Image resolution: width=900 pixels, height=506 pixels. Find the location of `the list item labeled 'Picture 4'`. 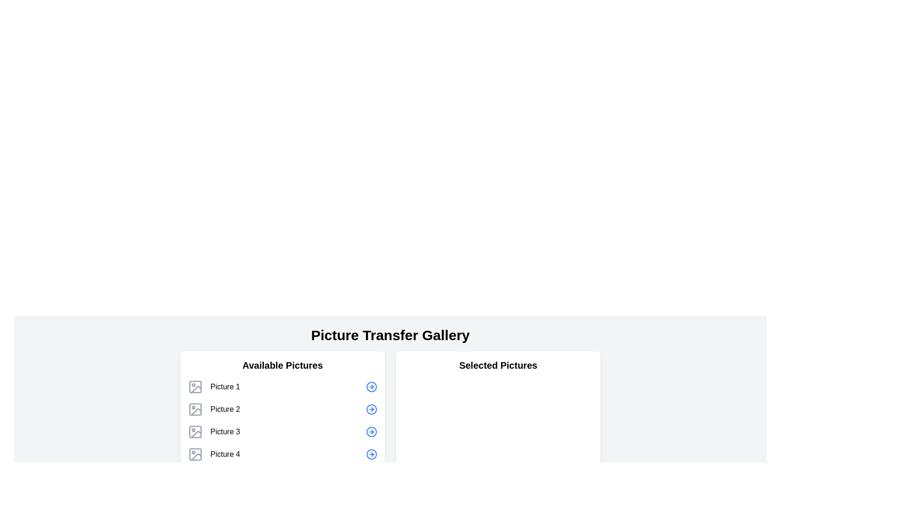

the list item labeled 'Picture 4' is located at coordinates (213, 454).